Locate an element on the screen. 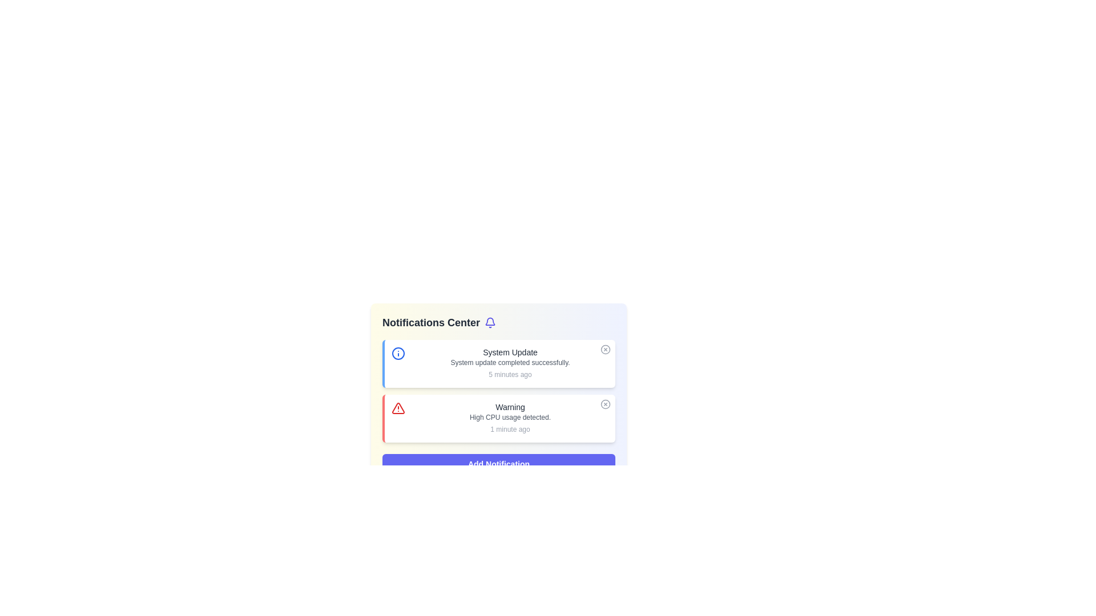  the text label that serves as a header for the system update notification, which is centrally located in the first notification card is located at coordinates (509, 351).